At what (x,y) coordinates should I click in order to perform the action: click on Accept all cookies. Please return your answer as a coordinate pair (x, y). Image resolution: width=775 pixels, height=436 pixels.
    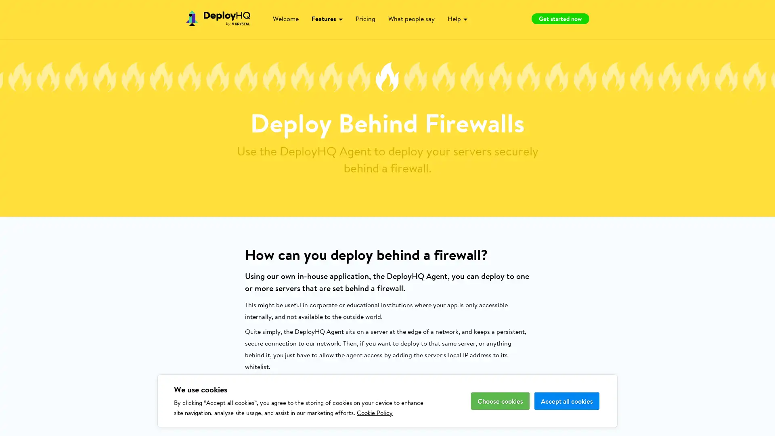
    Looking at the image, I should click on (566, 401).